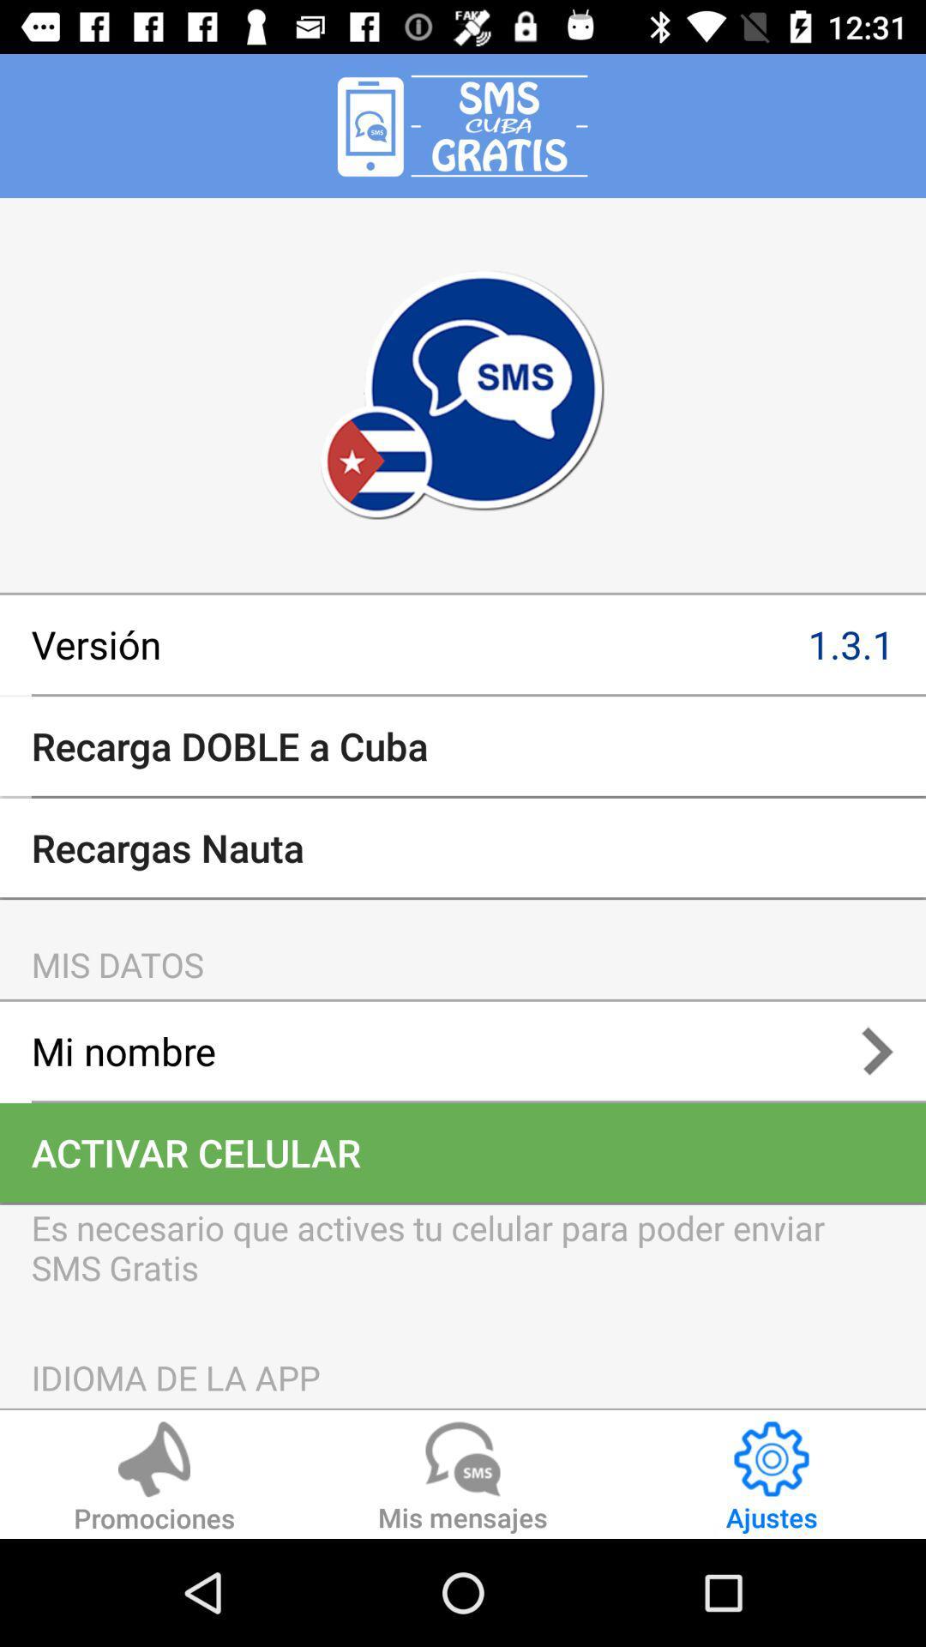  Describe the element at coordinates (463, 1479) in the screenshot. I see `the item next to ajustes icon` at that location.